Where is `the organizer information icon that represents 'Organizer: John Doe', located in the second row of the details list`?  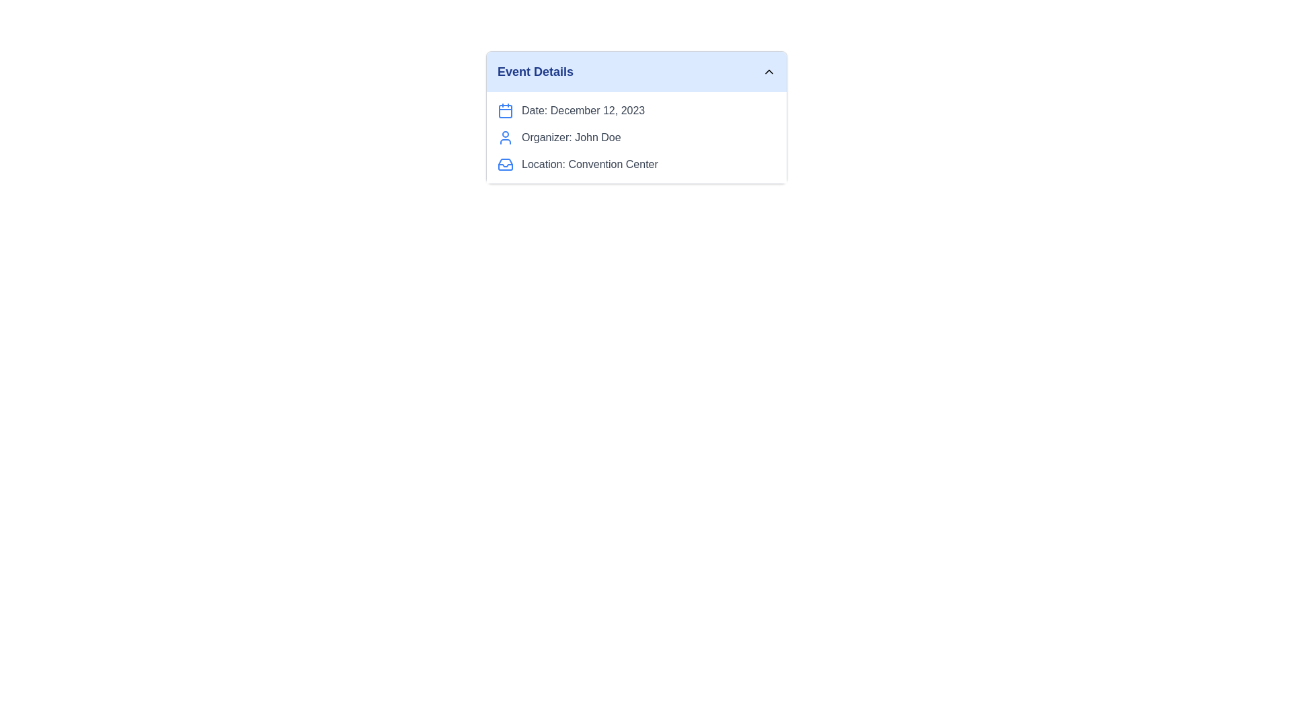
the organizer information icon that represents 'Organizer: John Doe', located in the second row of the details list is located at coordinates (505, 137).